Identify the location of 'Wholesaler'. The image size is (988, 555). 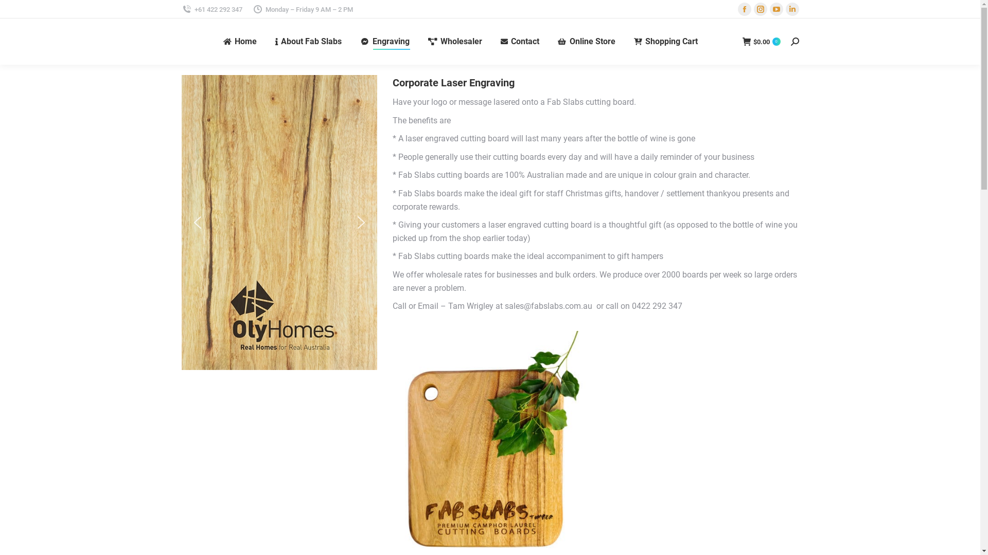
(454, 41).